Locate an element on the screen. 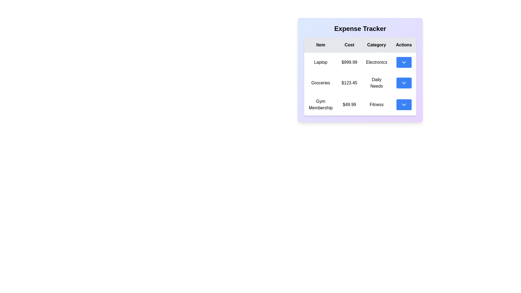 The height and width of the screenshot is (293, 521). the blue rectangular button with a downward-pointing arrow icon, located in the last row of the 'Actions' column next to the 'Fitness' text is located at coordinates (404, 104).